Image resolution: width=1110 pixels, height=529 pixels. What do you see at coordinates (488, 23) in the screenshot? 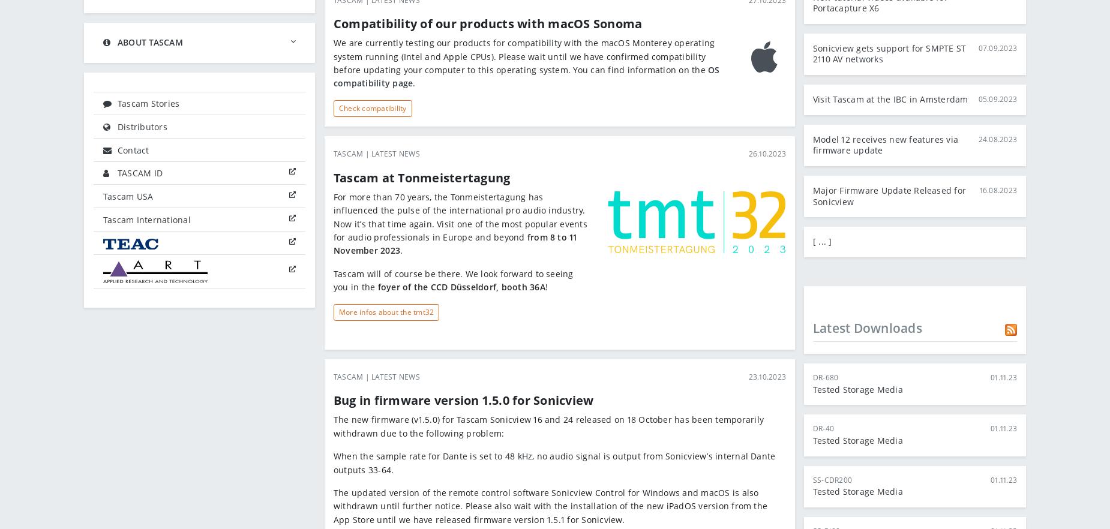
I see `'Compatibility of our products with macOS Sonoma'` at bounding box center [488, 23].